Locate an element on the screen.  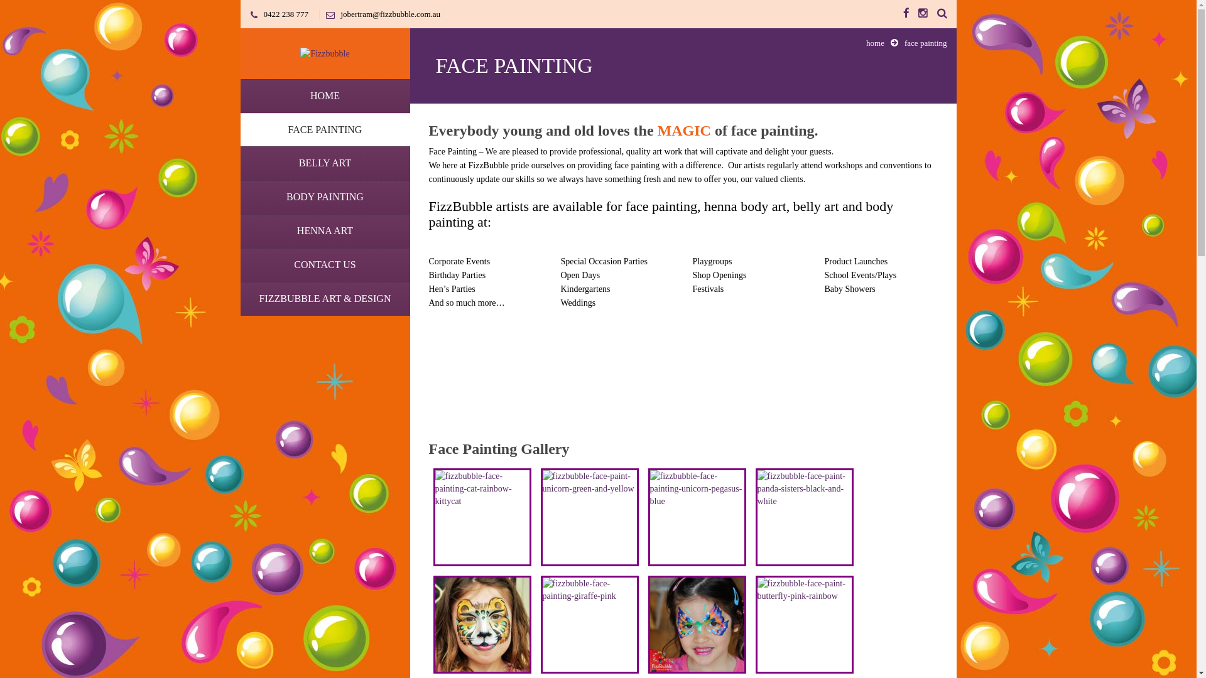
'fizzbubble-face-paint-panda-sisters-black-and-white' is located at coordinates (805, 517).